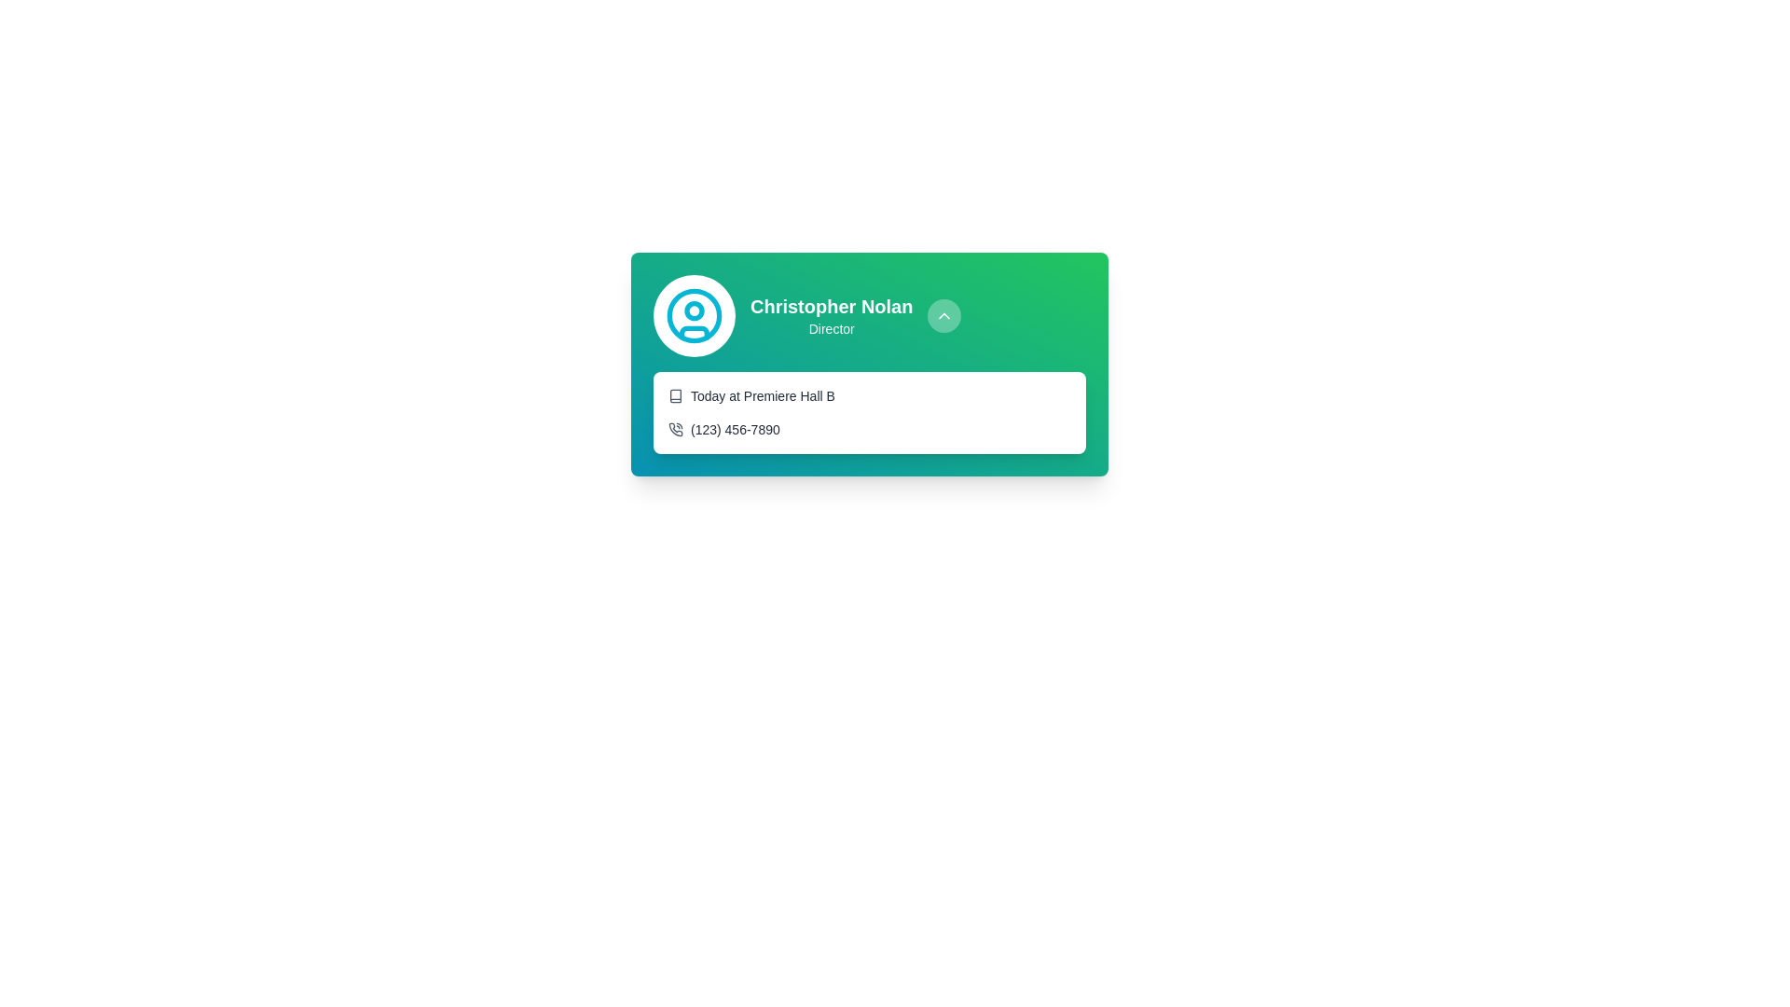  What do you see at coordinates (693, 315) in the screenshot?
I see `the decorative Vector Graphic Icon representing the user profile for 'Christopher Nolan', located at the upper section of the card adjacent to the labels 'Christopher Nolan' and 'Director'` at bounding box center [693, 315].